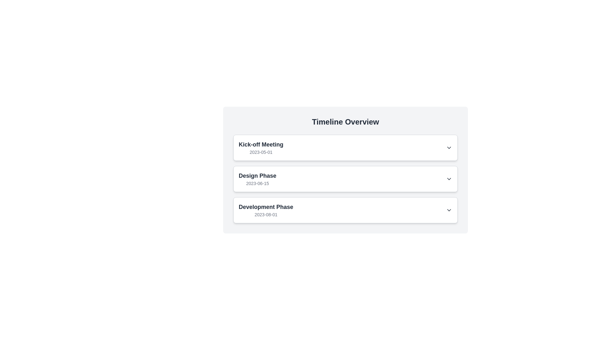  What do you see at coordinates (345, 122) in the screenshot?
I see `the 'Timeline Overview' text heading` at bounding box center [345, 122].